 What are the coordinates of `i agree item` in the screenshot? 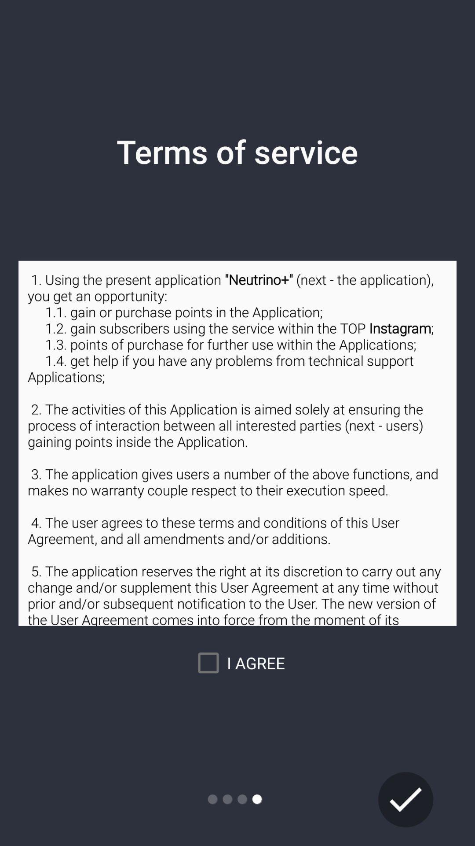 It's located at (237, 663).